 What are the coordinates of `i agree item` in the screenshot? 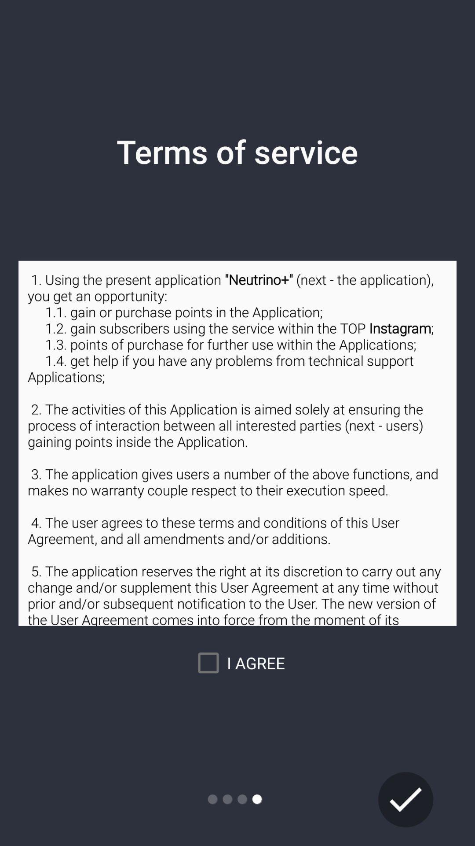 It's located at (237, 663).